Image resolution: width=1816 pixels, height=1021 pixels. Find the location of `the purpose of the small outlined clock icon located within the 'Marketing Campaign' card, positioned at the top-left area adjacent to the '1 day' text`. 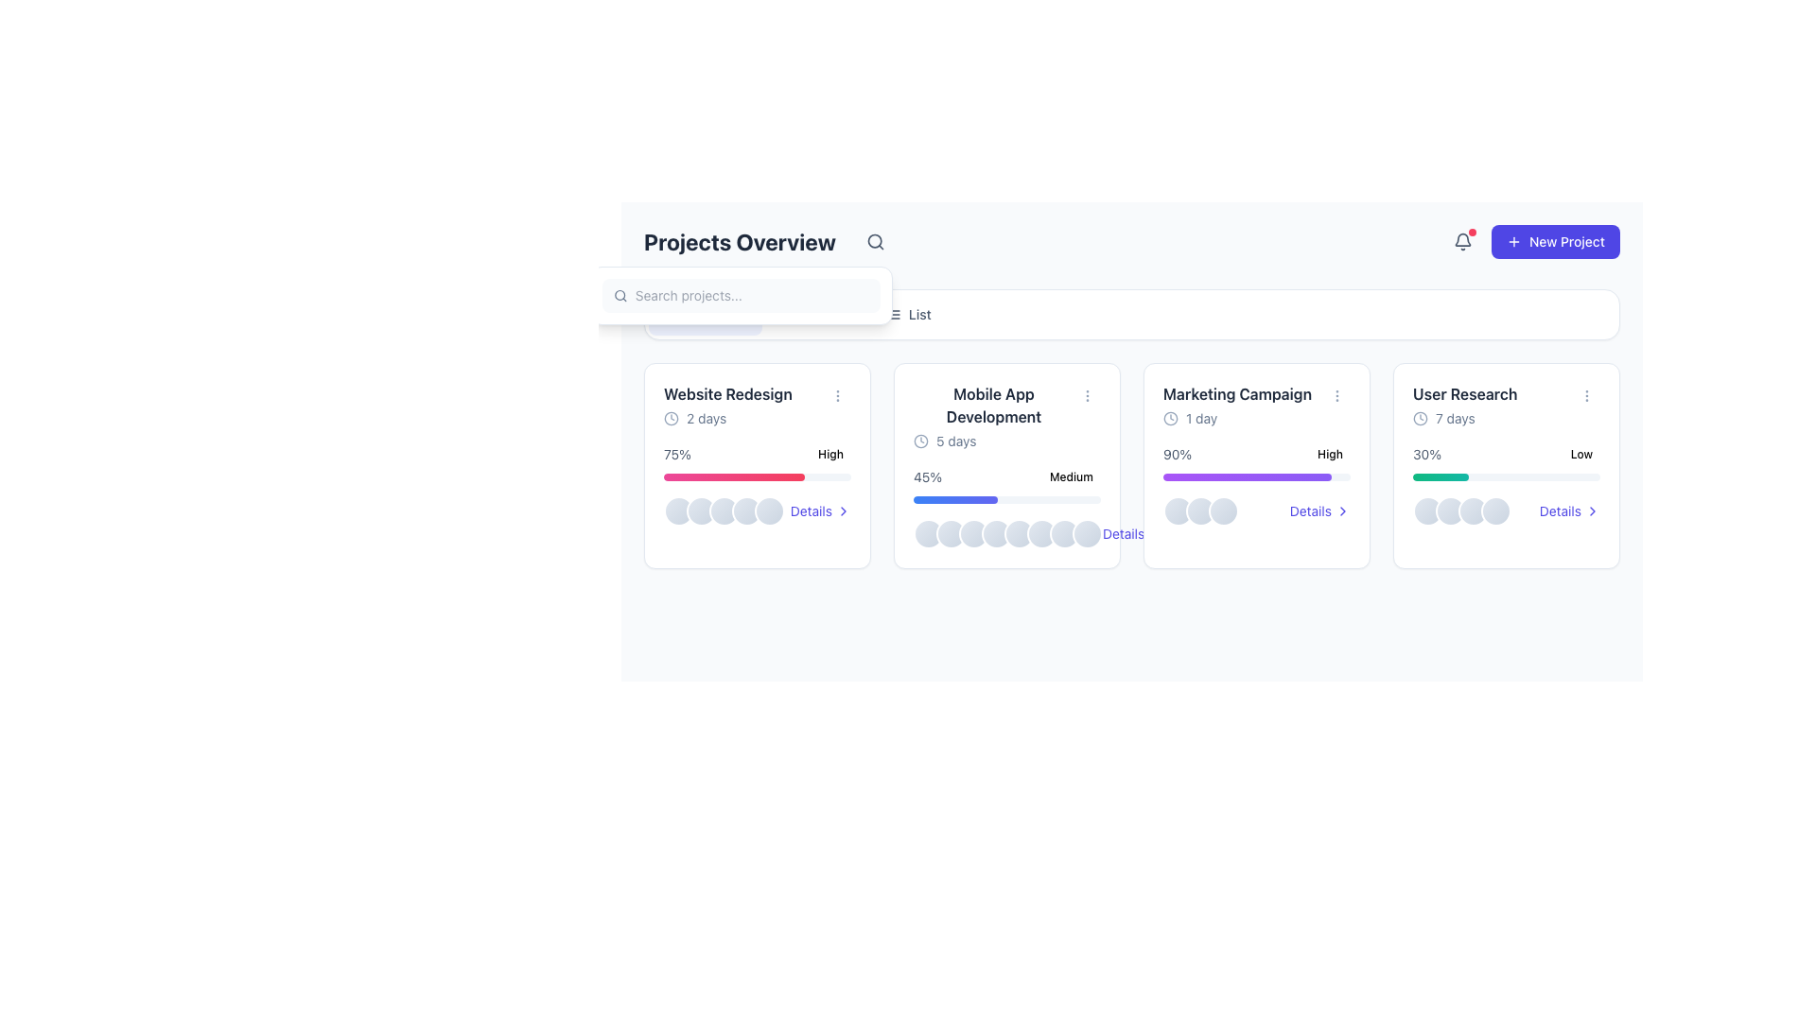

the purpose of the small outlined clock icon located within the 'Marketing Campaign' card, positioned at the top-left area adjacent to the '1 day' text is located at coordinates (1170, 418).